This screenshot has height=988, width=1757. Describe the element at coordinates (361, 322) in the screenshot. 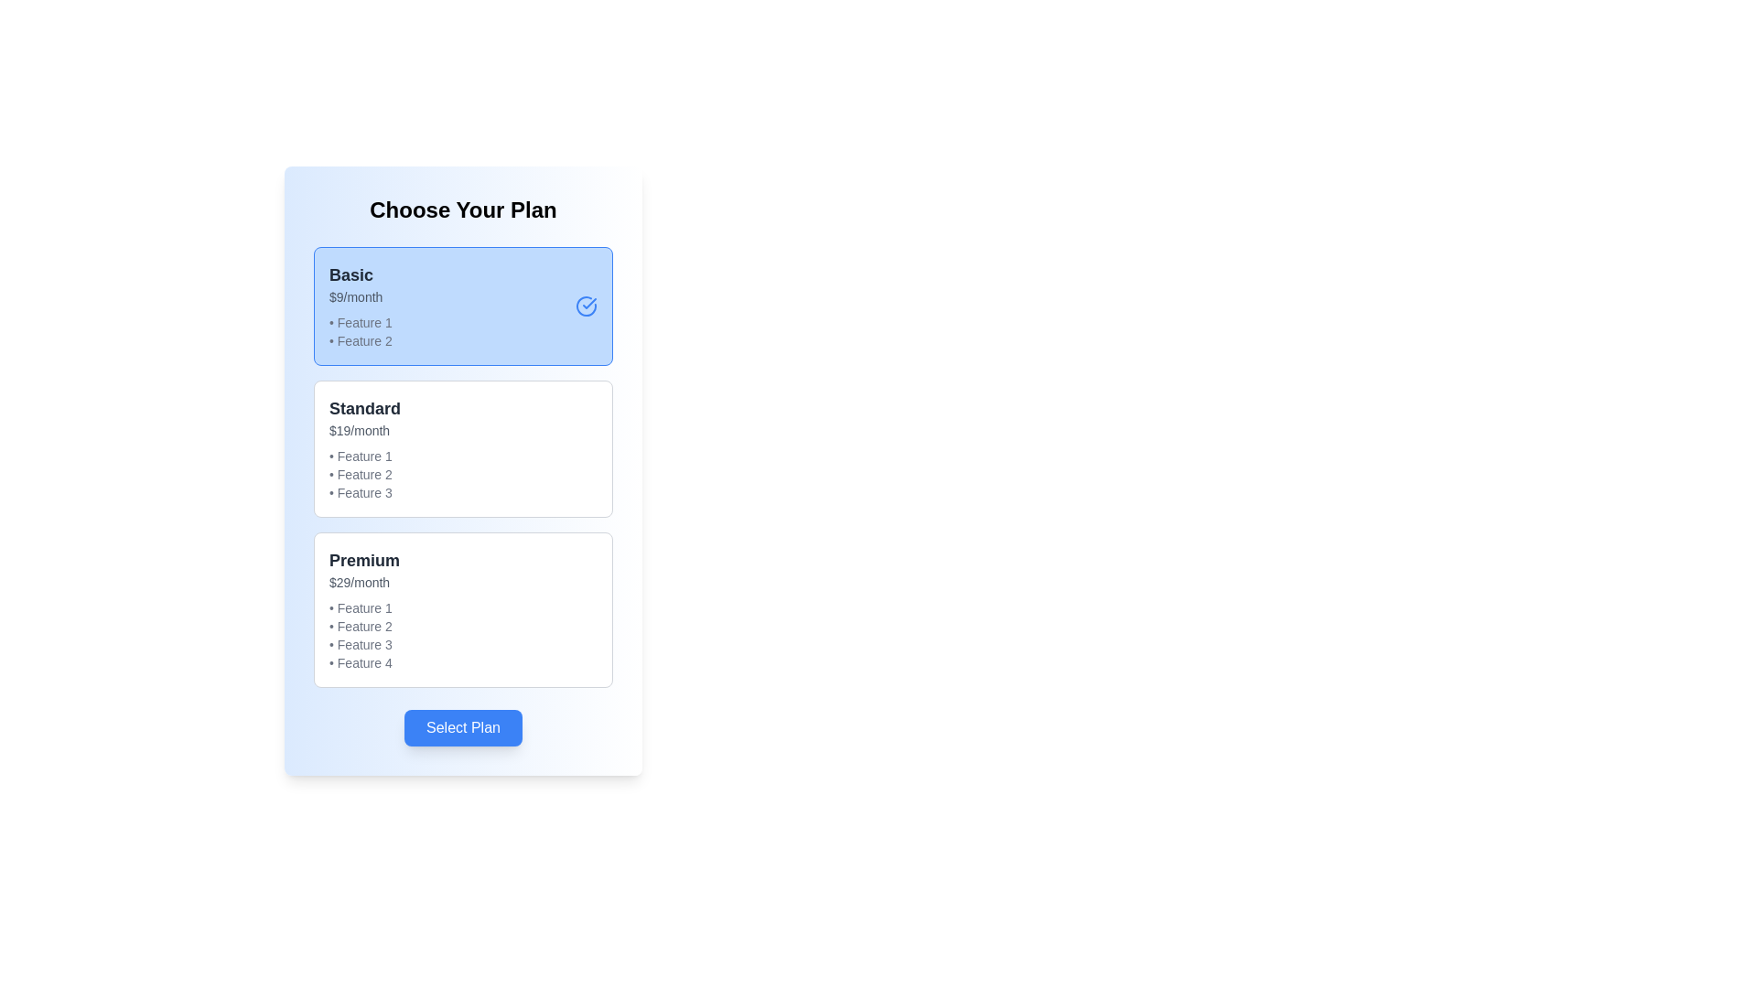

I see `text that displays the first bullet point feature included in the 'Basic' plan, providing descriptive information to the user` at that location.